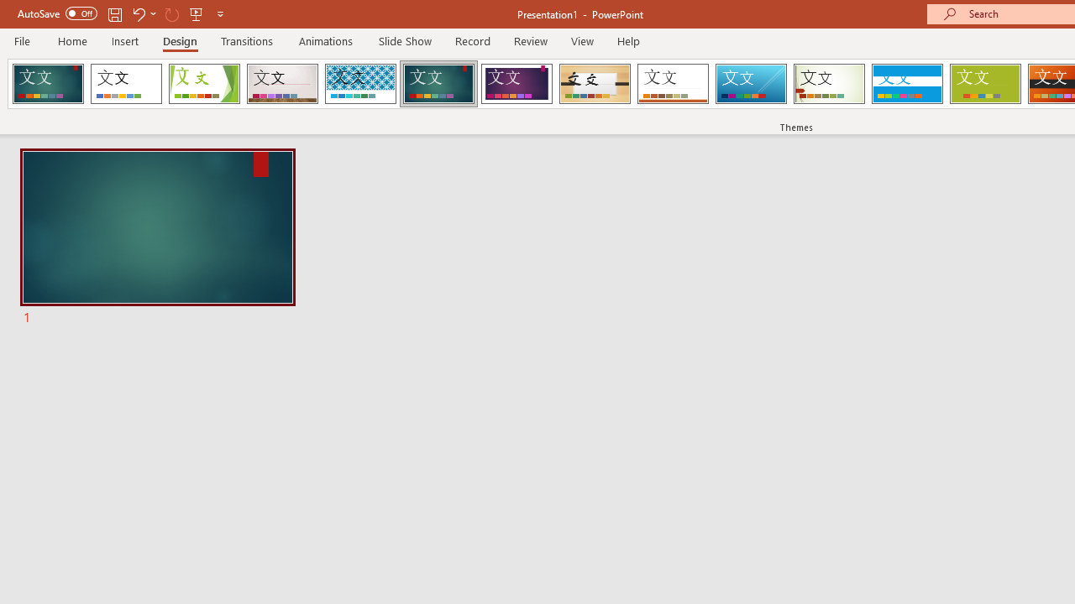 The image size is (1075, 604). What do you see at coordinates (125, 84) in the screenshot?
I see `'Office Theme'` at bounding box center [125, 84].